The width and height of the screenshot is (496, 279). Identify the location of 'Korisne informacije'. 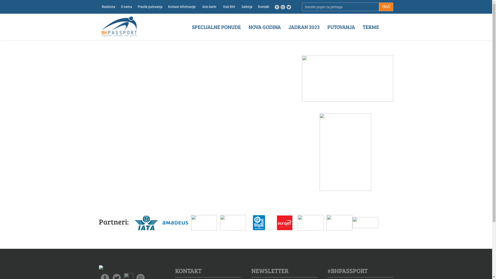
(165, 7).